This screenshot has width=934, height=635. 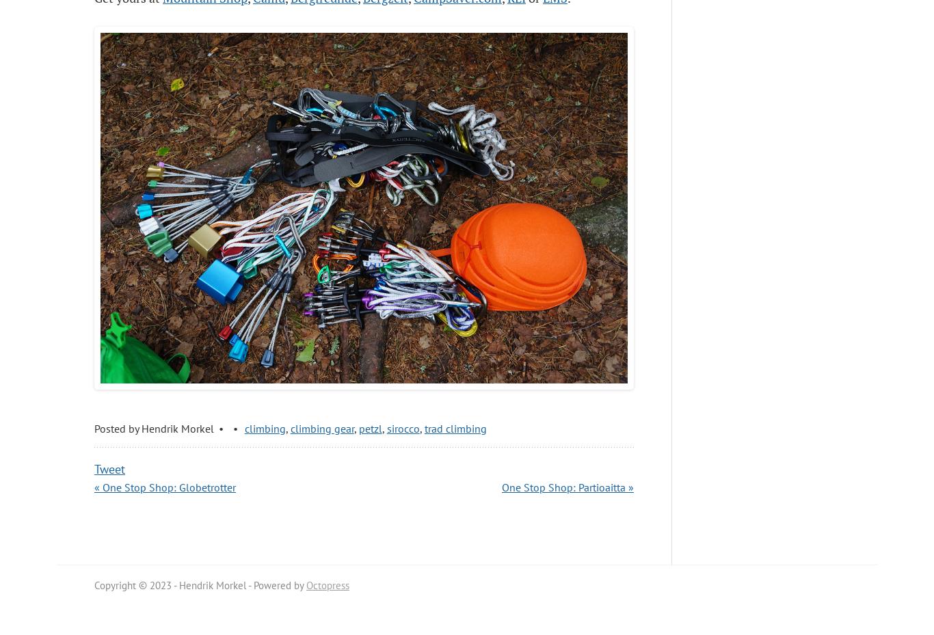 What do you see at coordinates (306, 585) in the screenshot?
I see `'Octopress'` at bounding box center [306, 585].